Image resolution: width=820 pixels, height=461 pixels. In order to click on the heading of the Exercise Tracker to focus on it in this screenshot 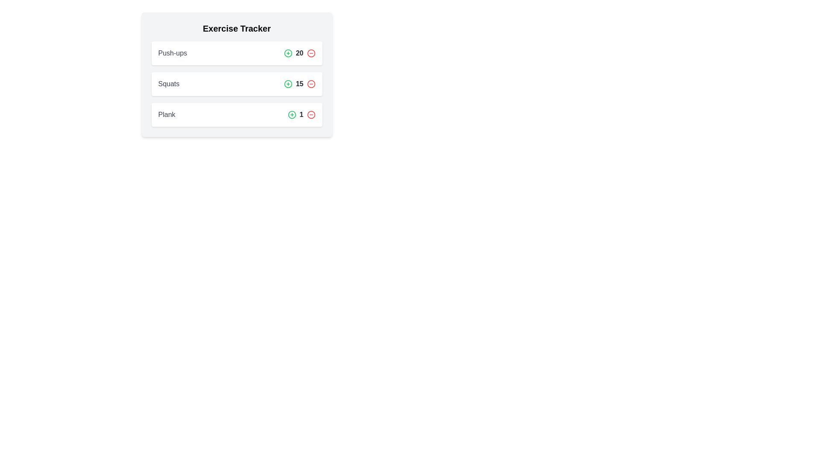, I will do `click(237, 28)`.